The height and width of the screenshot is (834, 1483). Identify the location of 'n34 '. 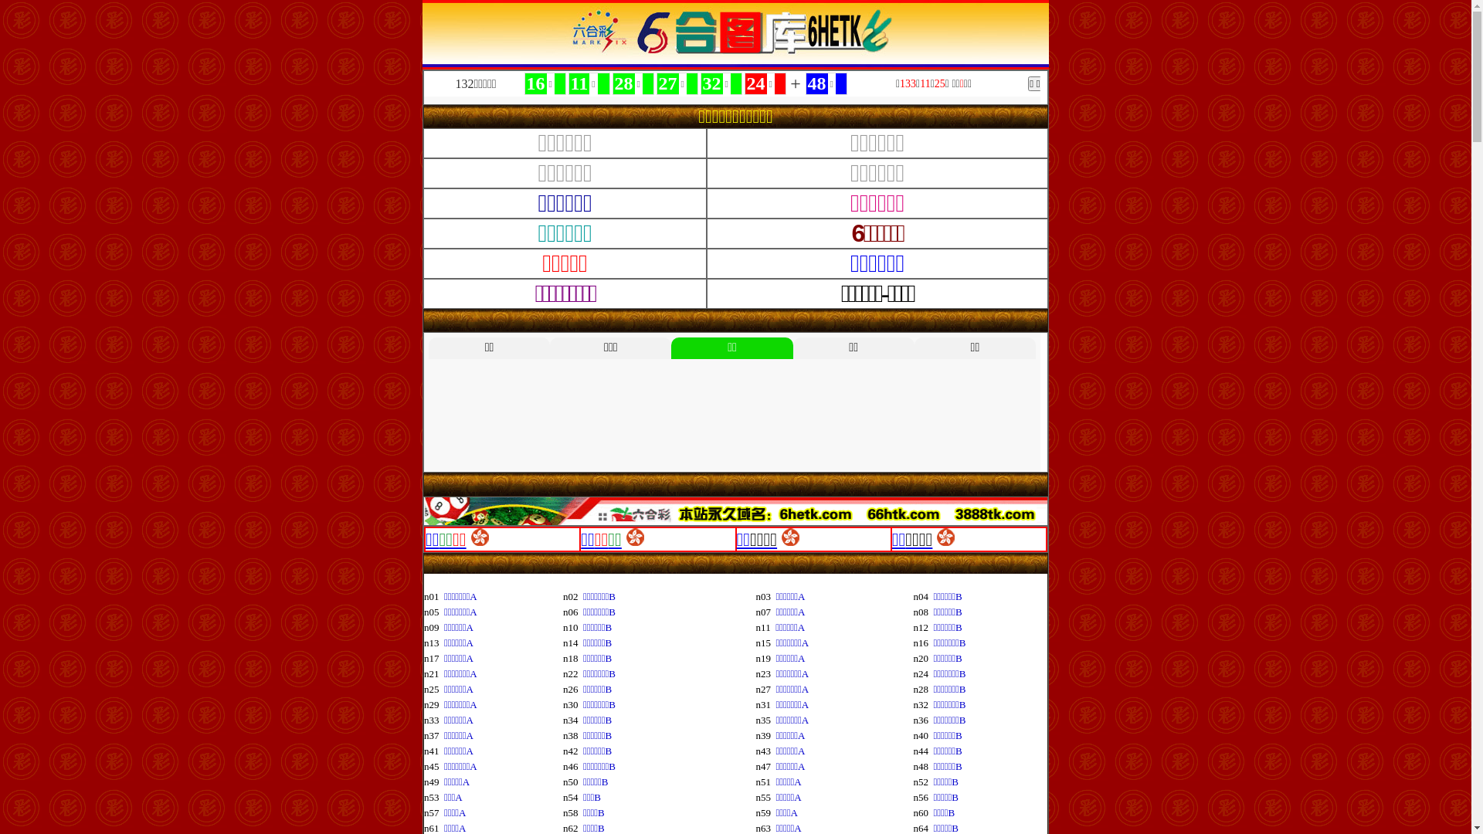
(572, 720).